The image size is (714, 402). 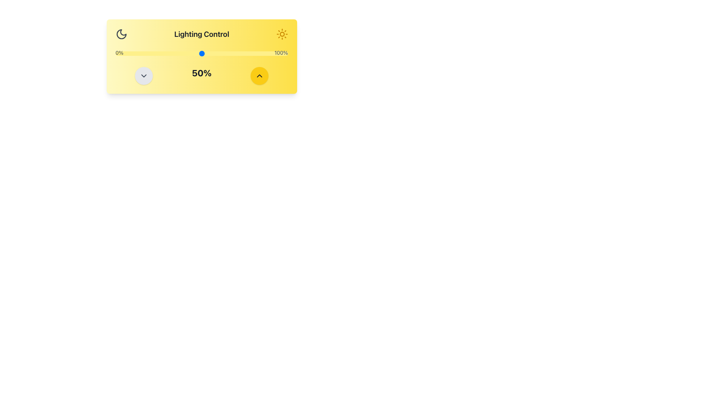 What do you see at coordinates (121, 34) in the screenshot?
I see `the thin crescent moon icon located at the top-left corner of the interface, adjacent to the title 'Lighting Control'` at bounding box center [121, 34].